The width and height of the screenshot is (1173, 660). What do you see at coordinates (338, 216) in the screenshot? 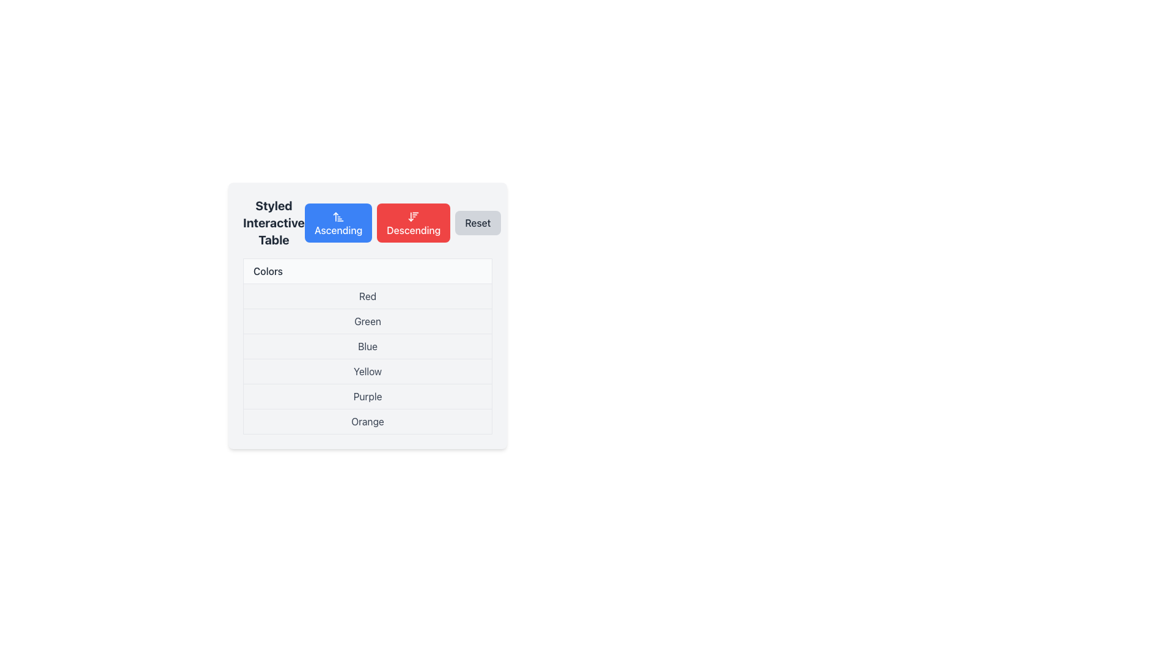
I see `the ascending order icon located within the blue button above the table labeled 'Colors'` at bounding box center [338, 216].